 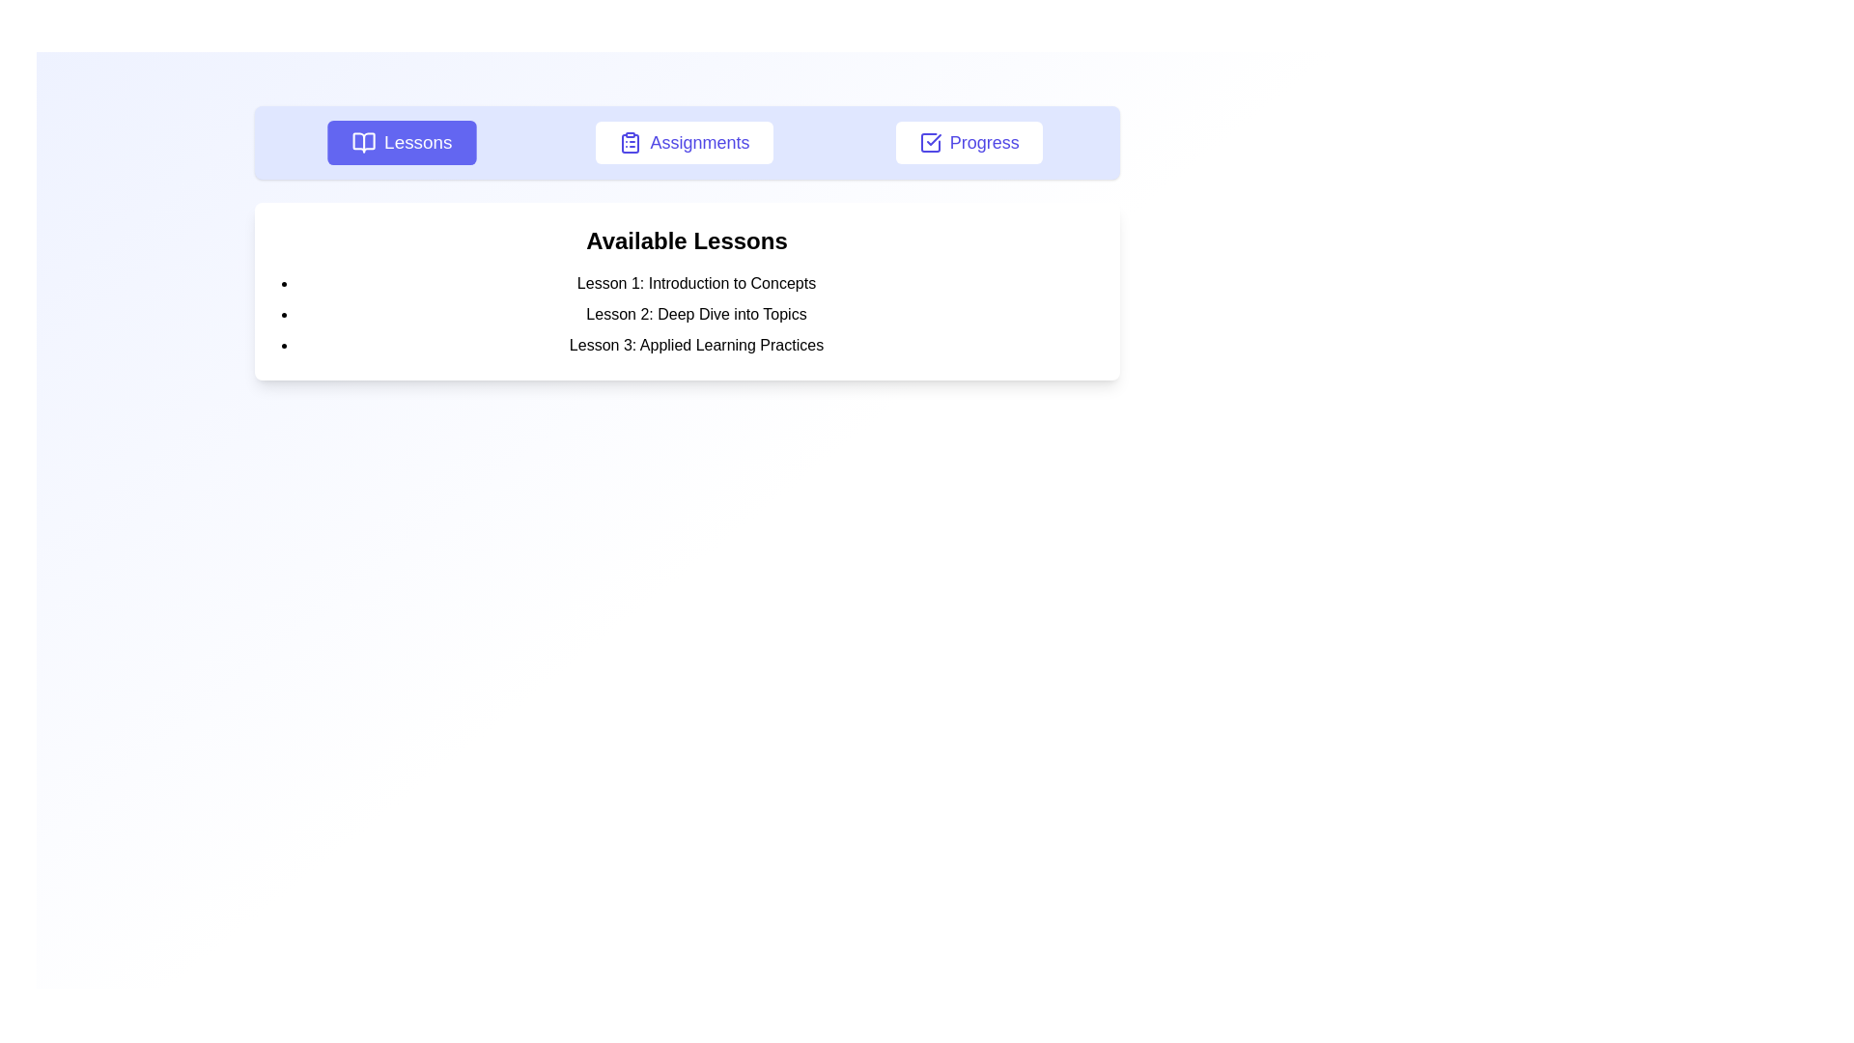 What do you see at coordinates (695, 314) in the screenshot?
I see `the text element that serves as the label for the second lesson in a vertically aligned list of lessons` at bounding box center [695, 314].